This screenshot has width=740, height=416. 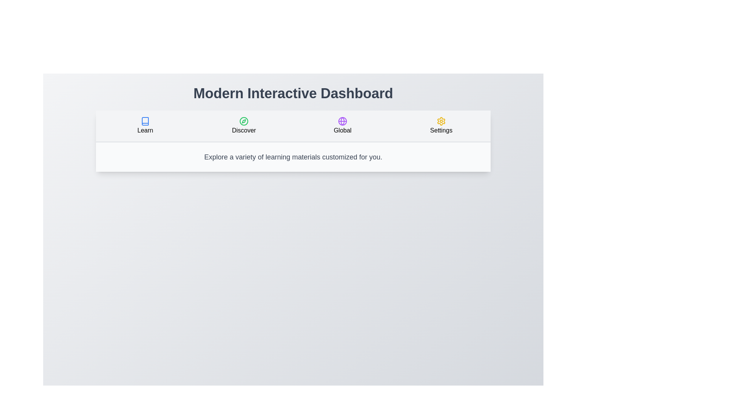 I want to click on the 'Learn' navigation tab button located on the leftmost side of the horizontal navigation bar, so click(x=145, y=126).